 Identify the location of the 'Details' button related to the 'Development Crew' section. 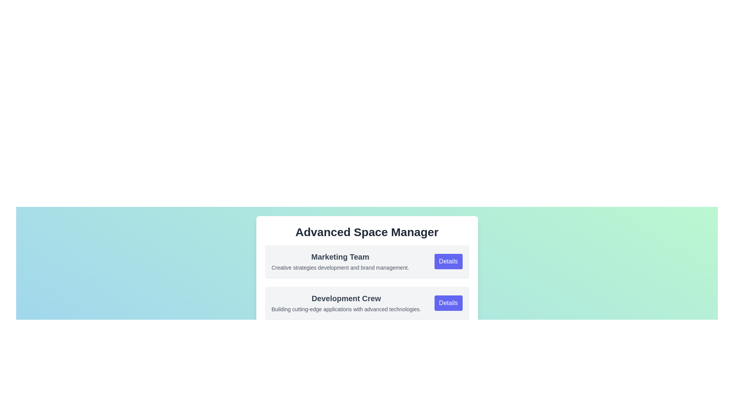
(448, 302).